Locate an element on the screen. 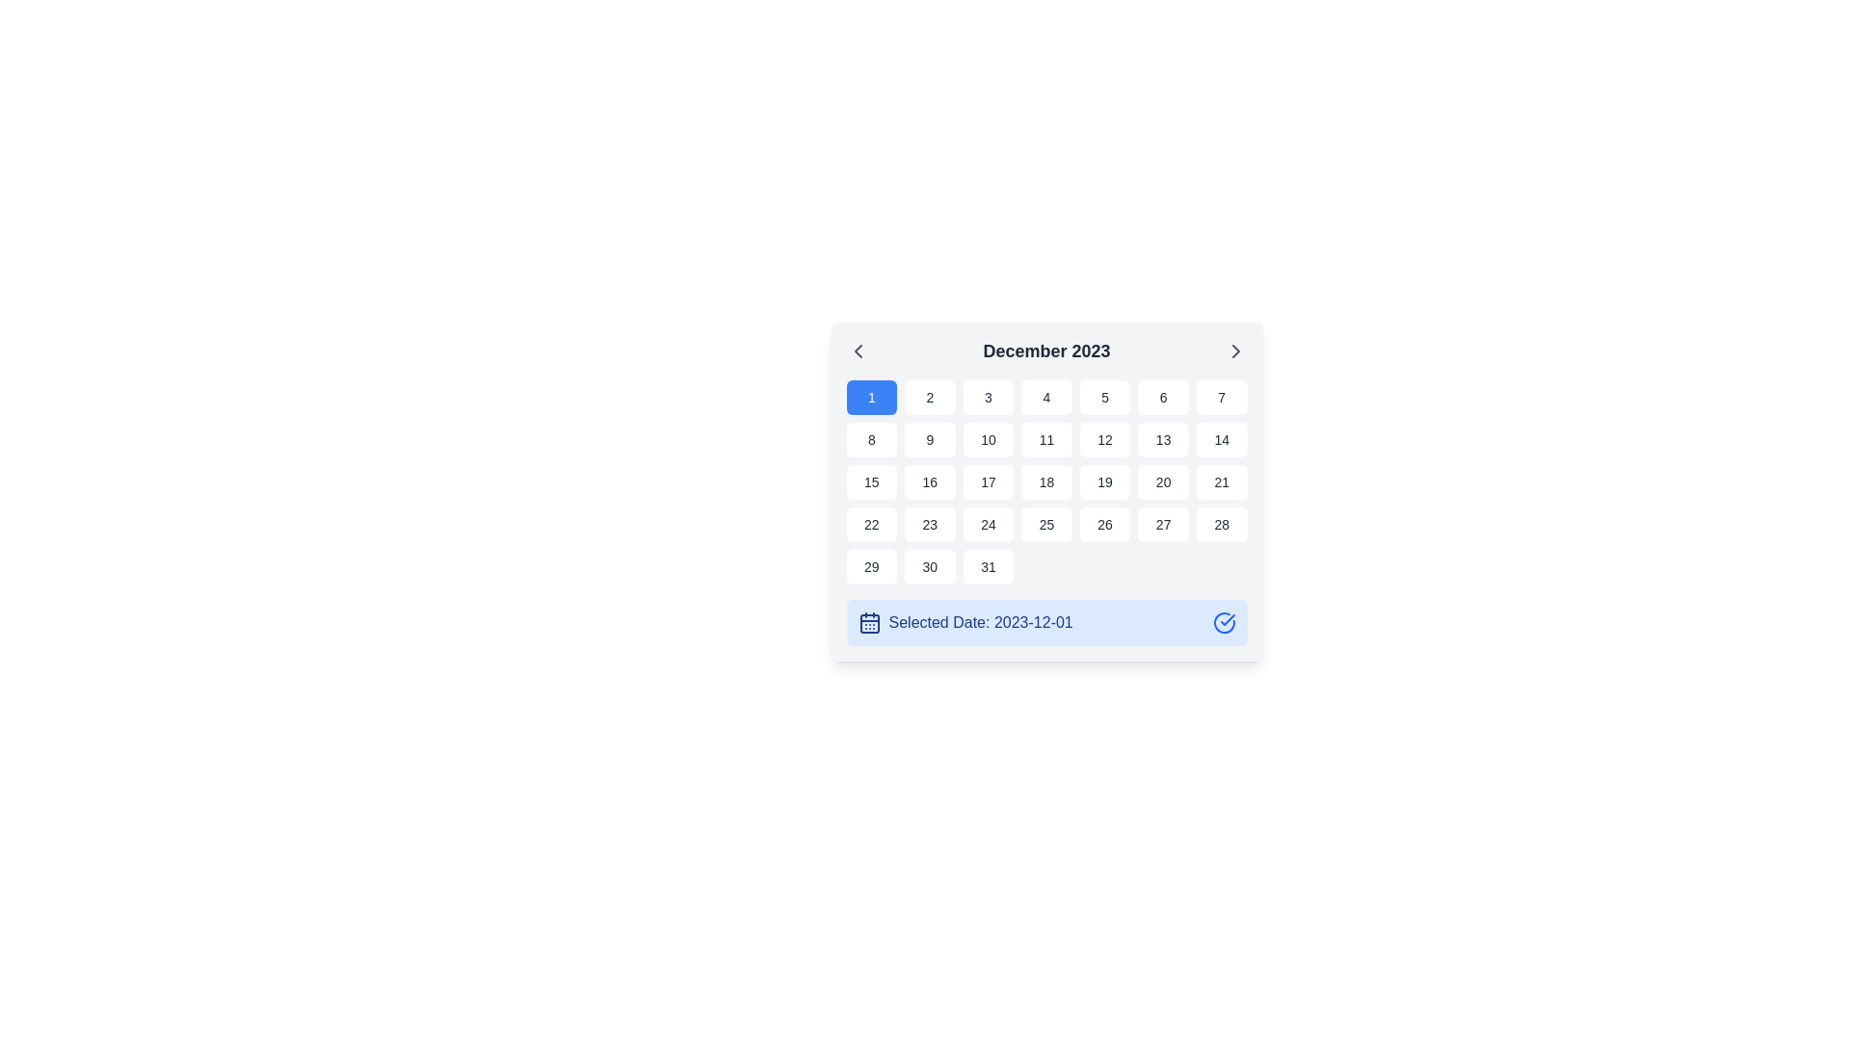 The width and height of the screenshot is (1850, 1040). the rectangular button labeled '2' with a white background and rounded corners is located at coordinates (930, 396).